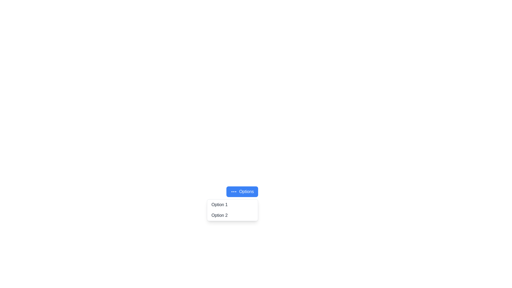 This screenshot has width=512, height=288. What do you see at coordinates (233, 204) in the screenshot?
I see `the 'Option 1' menu item to activate its hover state` at bounding box center [233, 204].